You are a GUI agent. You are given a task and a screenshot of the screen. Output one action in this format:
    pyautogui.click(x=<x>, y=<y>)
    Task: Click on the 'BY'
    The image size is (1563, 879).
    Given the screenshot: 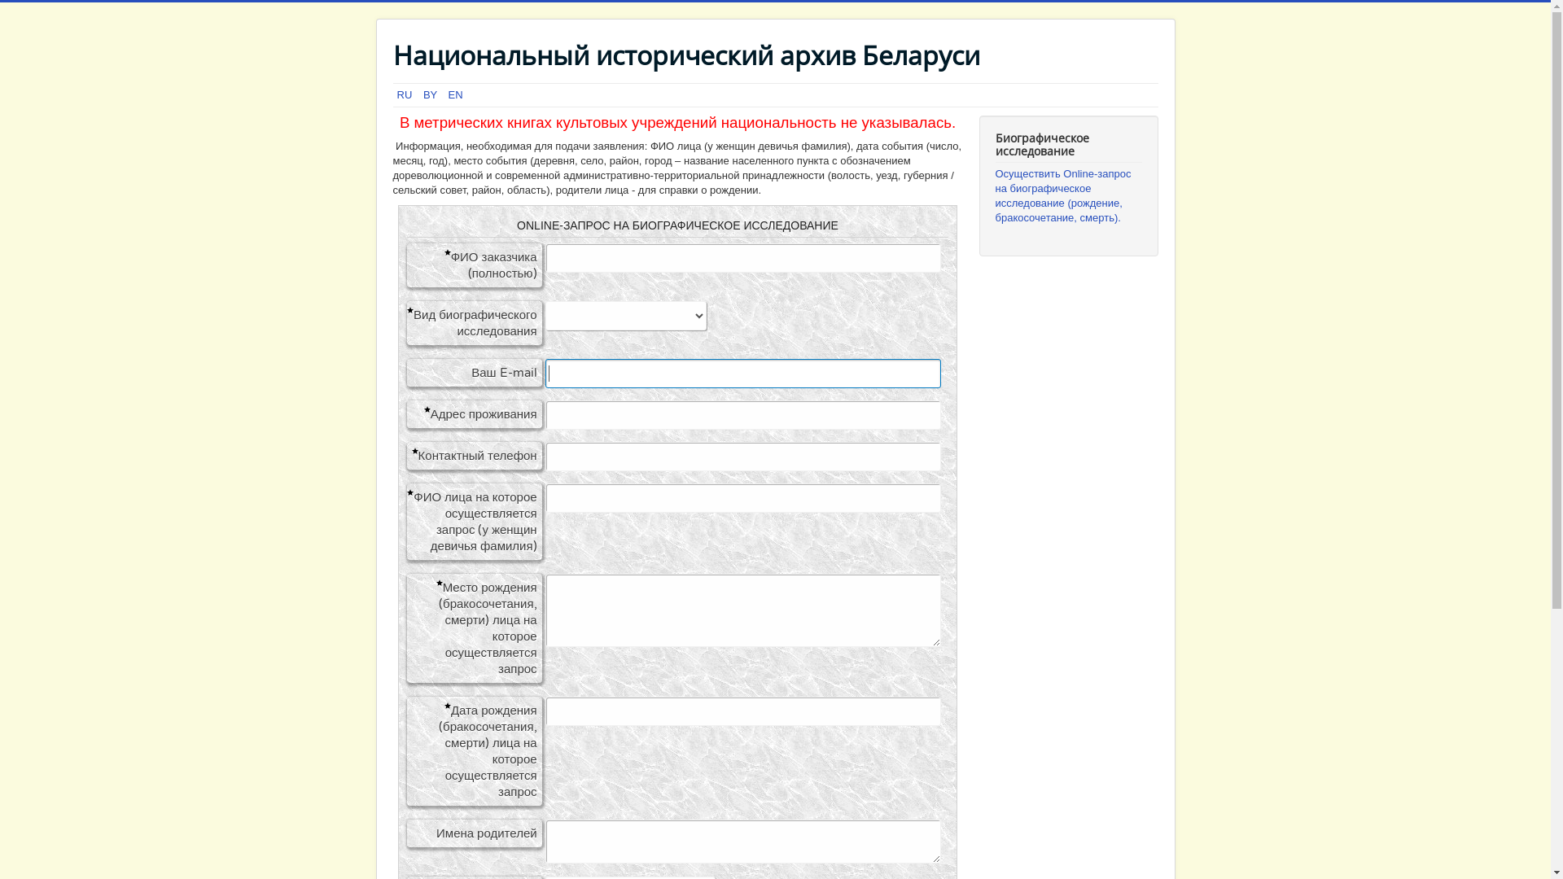 What is the action you would take?
    pyautogui.click(x=431, y=94)
    